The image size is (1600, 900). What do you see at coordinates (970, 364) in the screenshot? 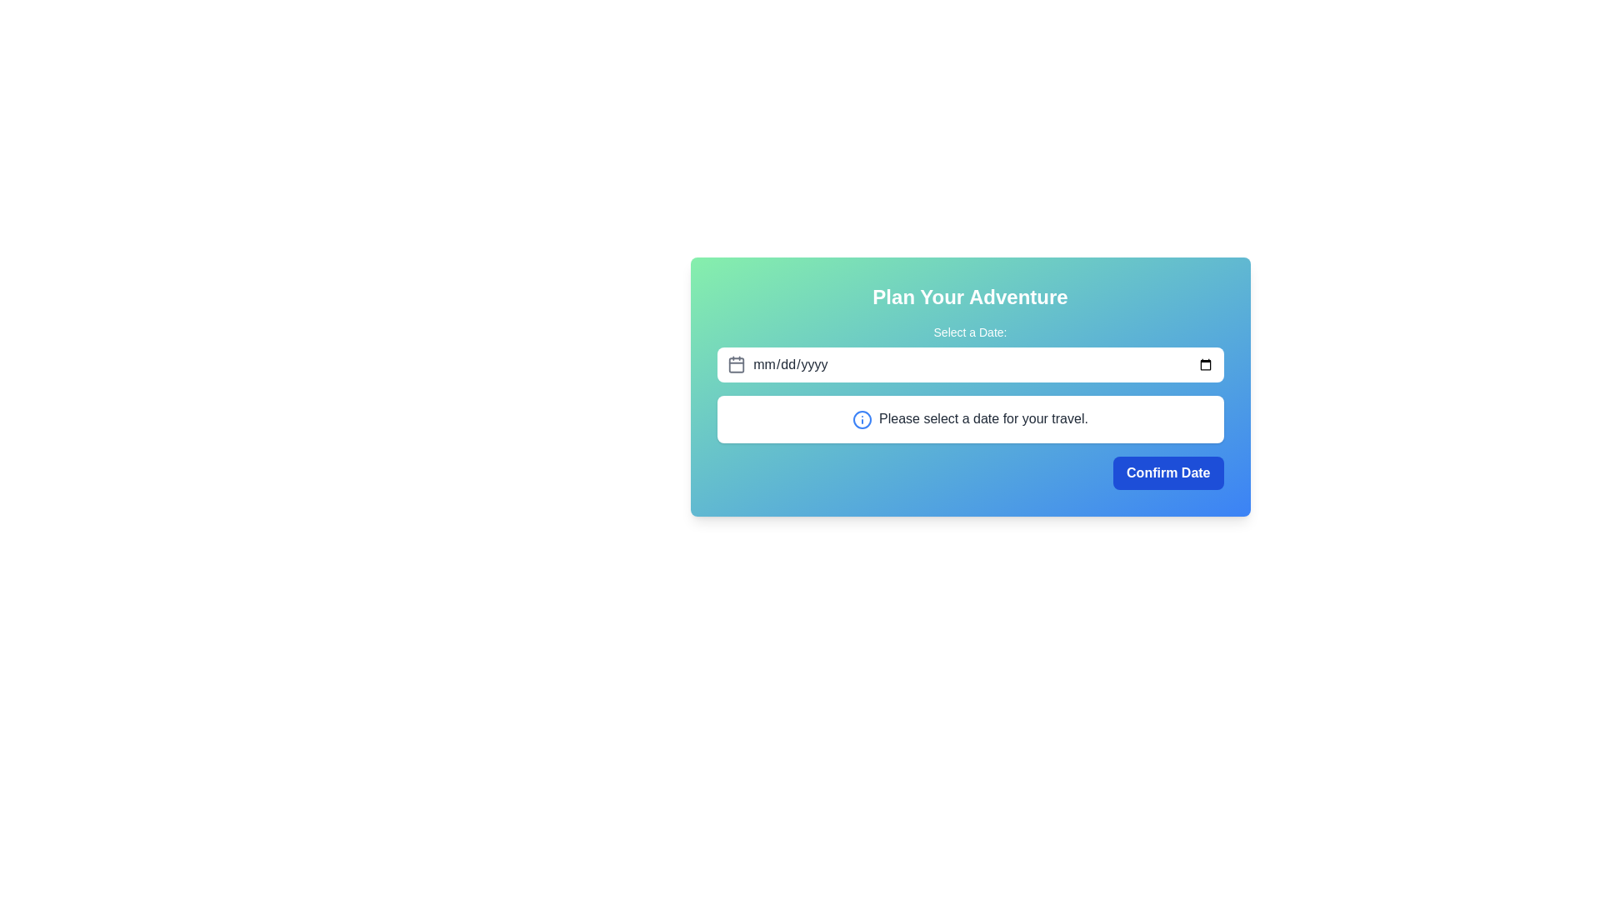
I see `the date input field located within the 'Plan Your Adventure' form` at bounding box center [970, 364].